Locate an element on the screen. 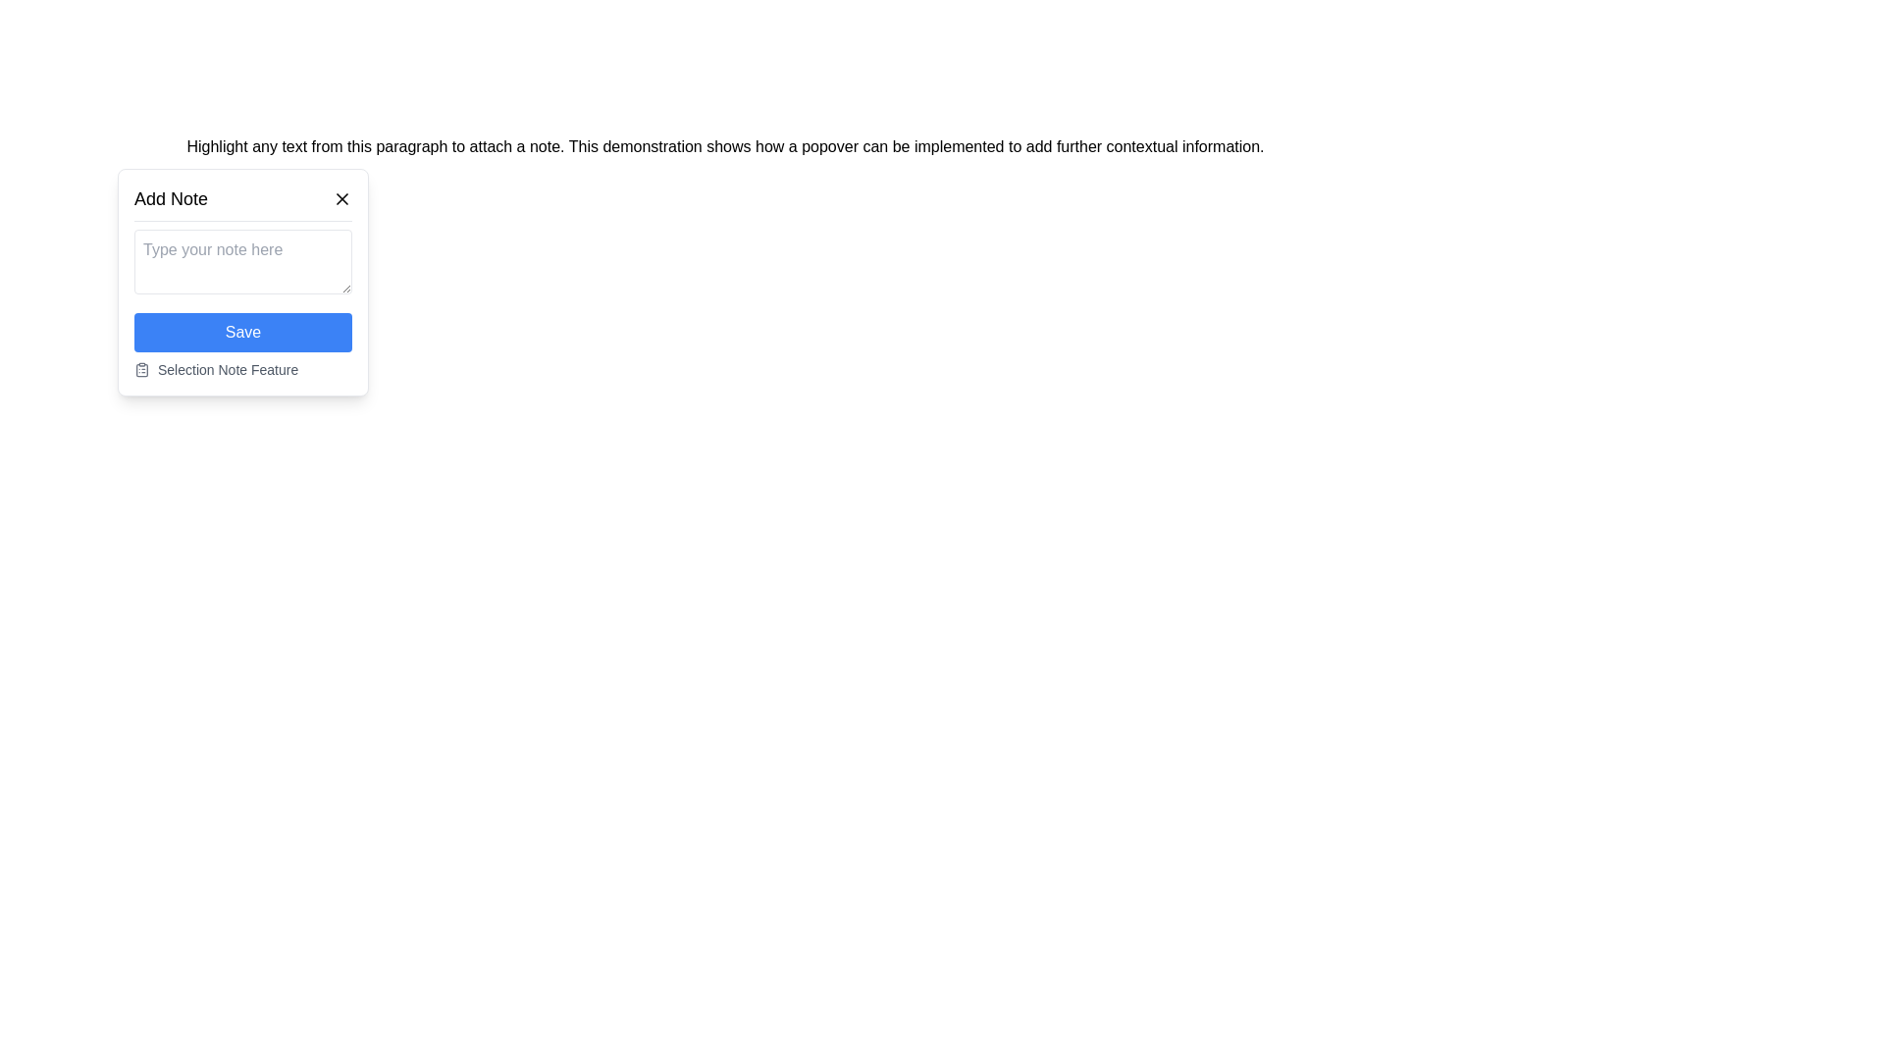  the Informational Label displaying 'Selection Note Feature' which includes a clipboard icon, located beneath the 'Save' button in the 'Add Note' popover is located at coordinates (242, 370).